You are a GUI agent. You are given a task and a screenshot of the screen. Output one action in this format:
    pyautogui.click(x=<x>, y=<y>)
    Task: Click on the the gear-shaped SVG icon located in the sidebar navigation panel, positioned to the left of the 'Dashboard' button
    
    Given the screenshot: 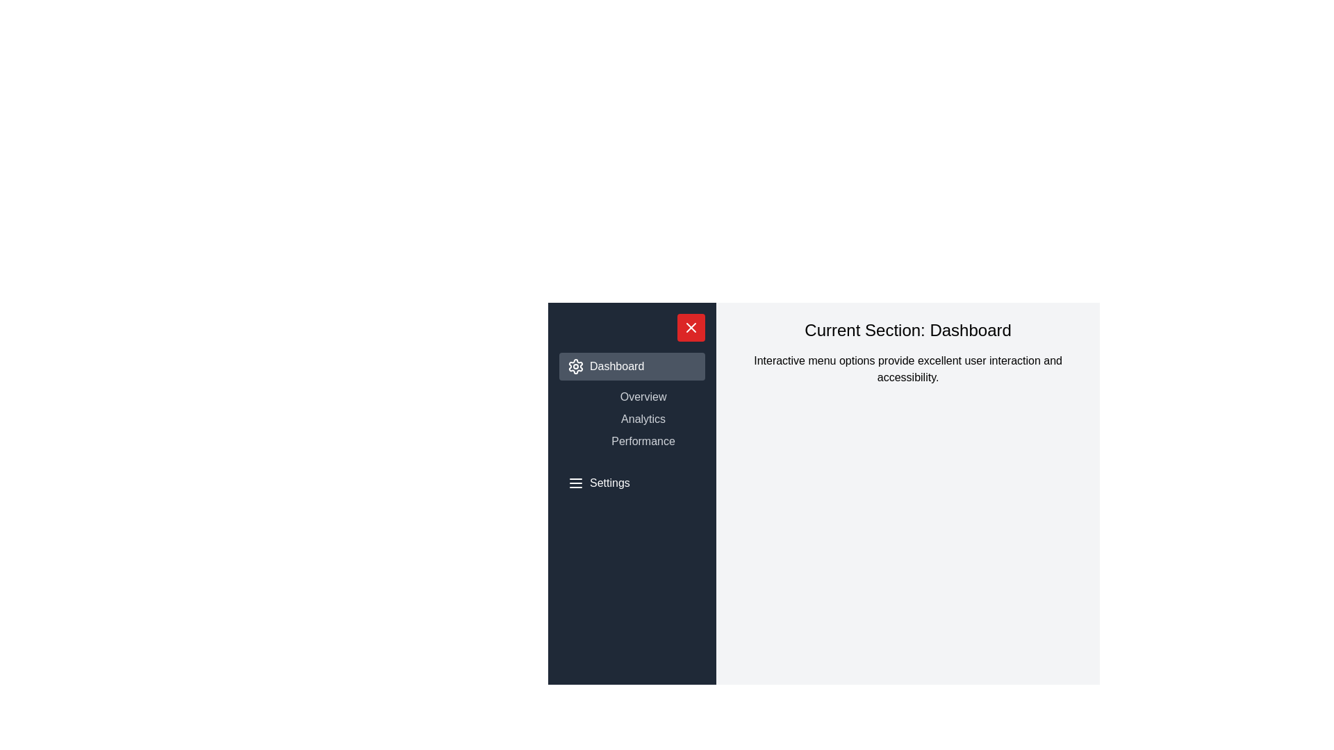 What is the action you would take?
    pyautogui.click(x=576, y=366)
    